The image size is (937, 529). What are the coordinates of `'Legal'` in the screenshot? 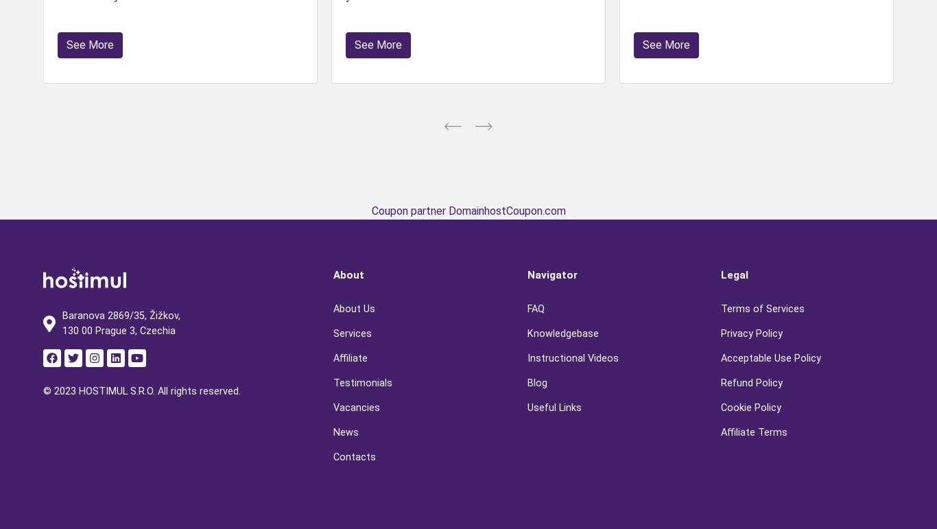 It's located at (733, 274).